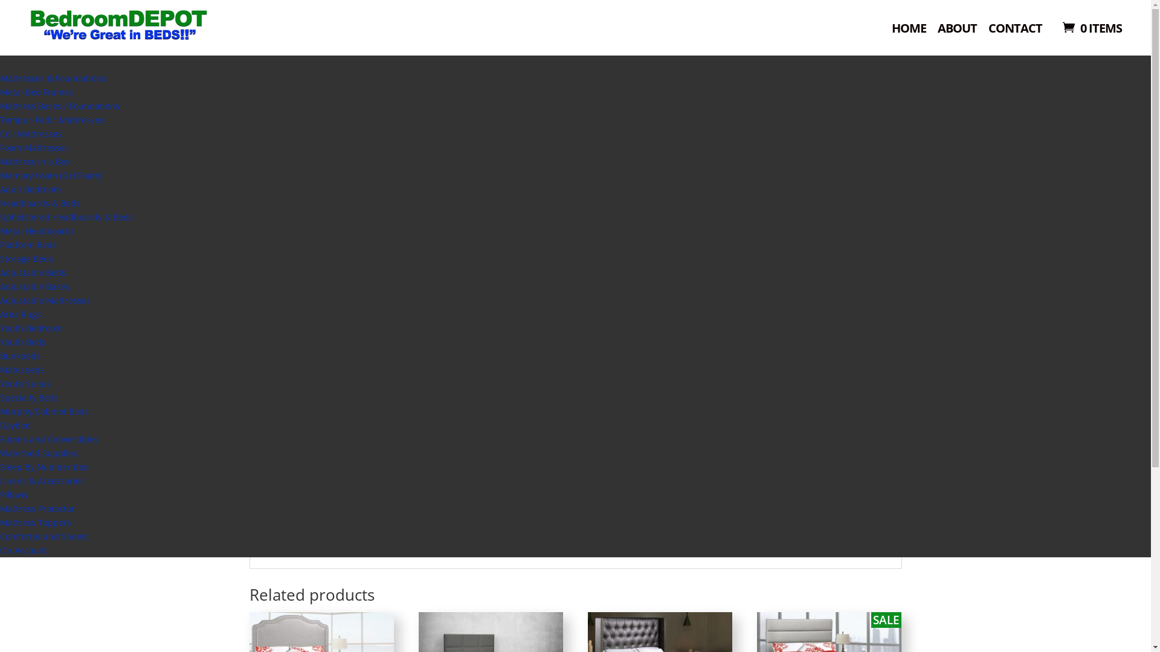  Describe the element at coordinates (23, 550) in the screenshot. I see `'On Account'` at that location.